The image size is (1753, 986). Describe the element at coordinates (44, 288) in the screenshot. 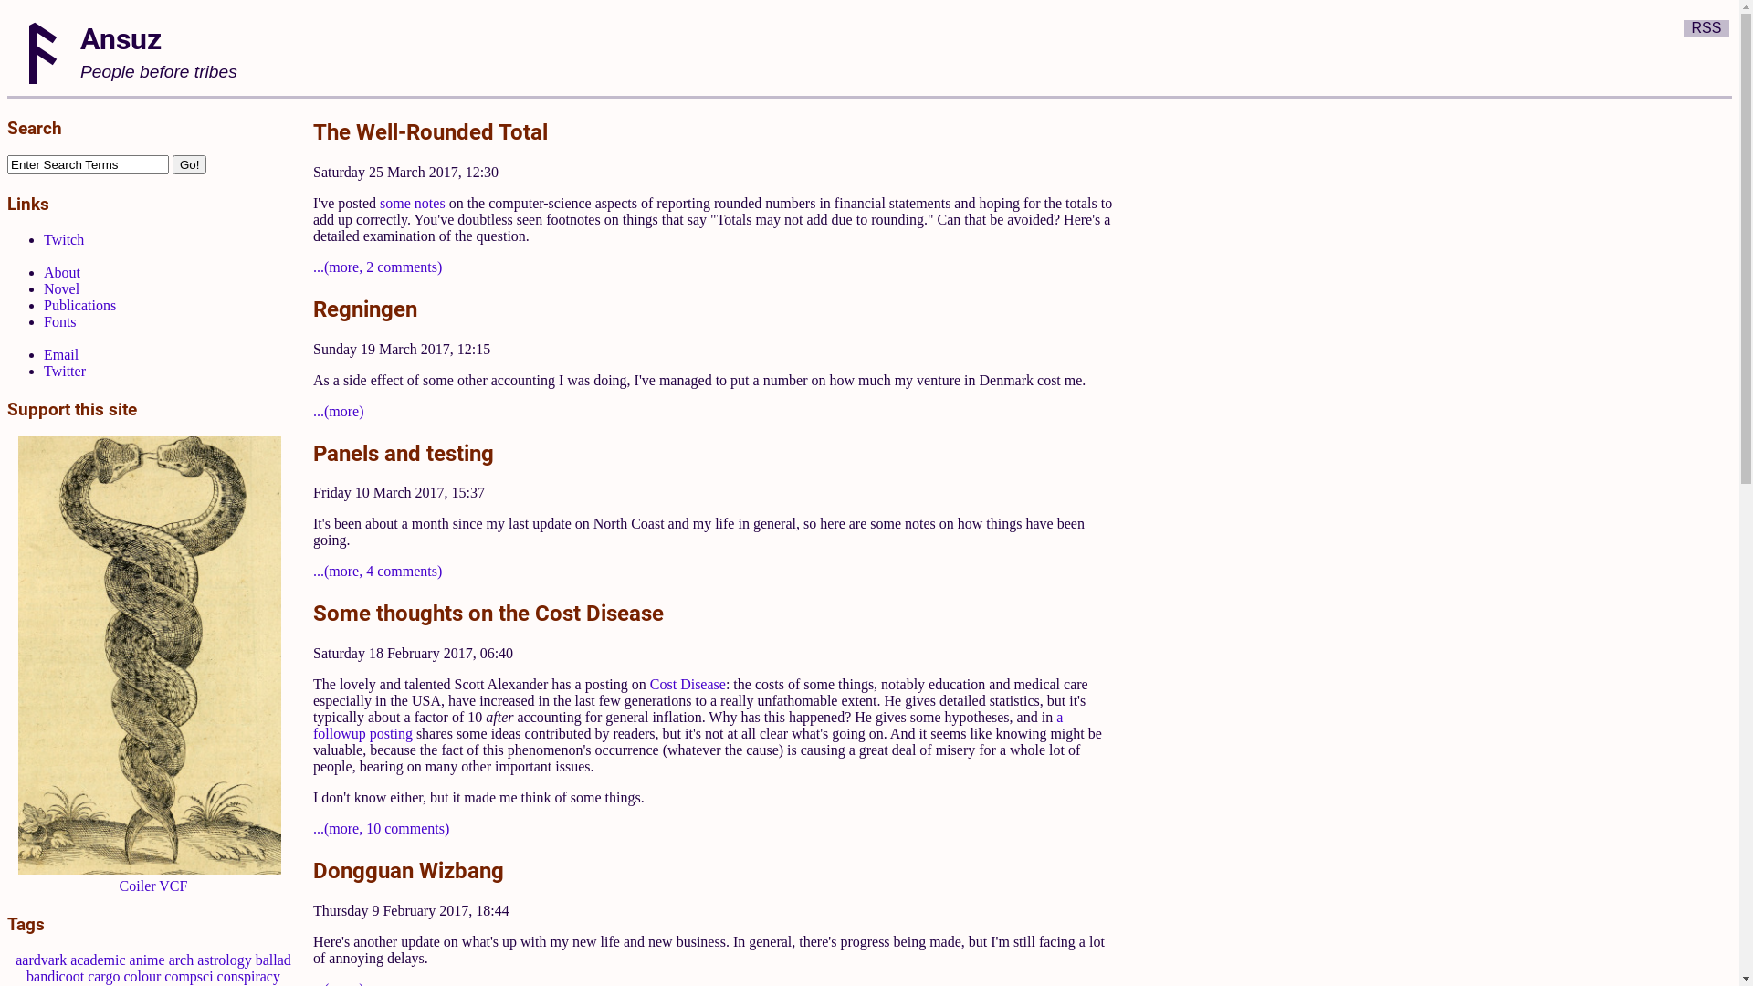

I see `'Novel'` at that location.